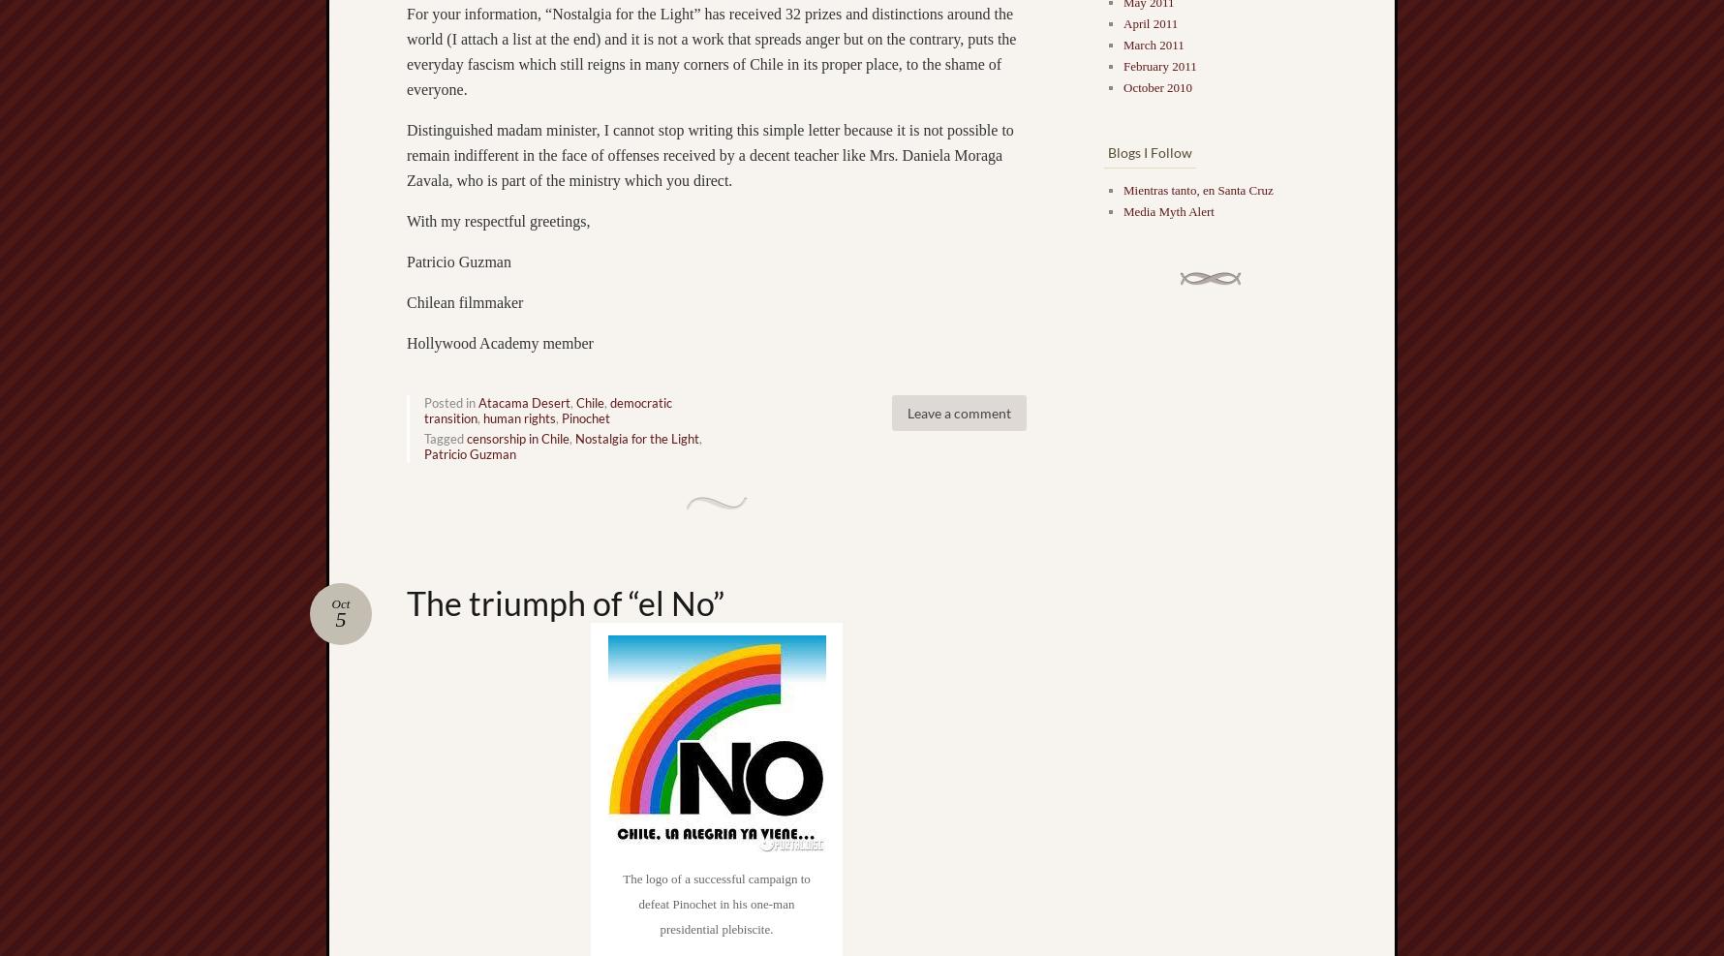 The width and height of the screenshot is (1724, 956). What do you see at coordinates (709, 153) in the screenshot?
I see `'Distinguished madam minister, I cannot stop writing this simple letter because it is not possible to remain indifferent in the face of offenses received by a decent teacher like Mrs. Daniela Moraga Zavala, who is part of the ministry which you direct.'` at bounding box center [709, 153].